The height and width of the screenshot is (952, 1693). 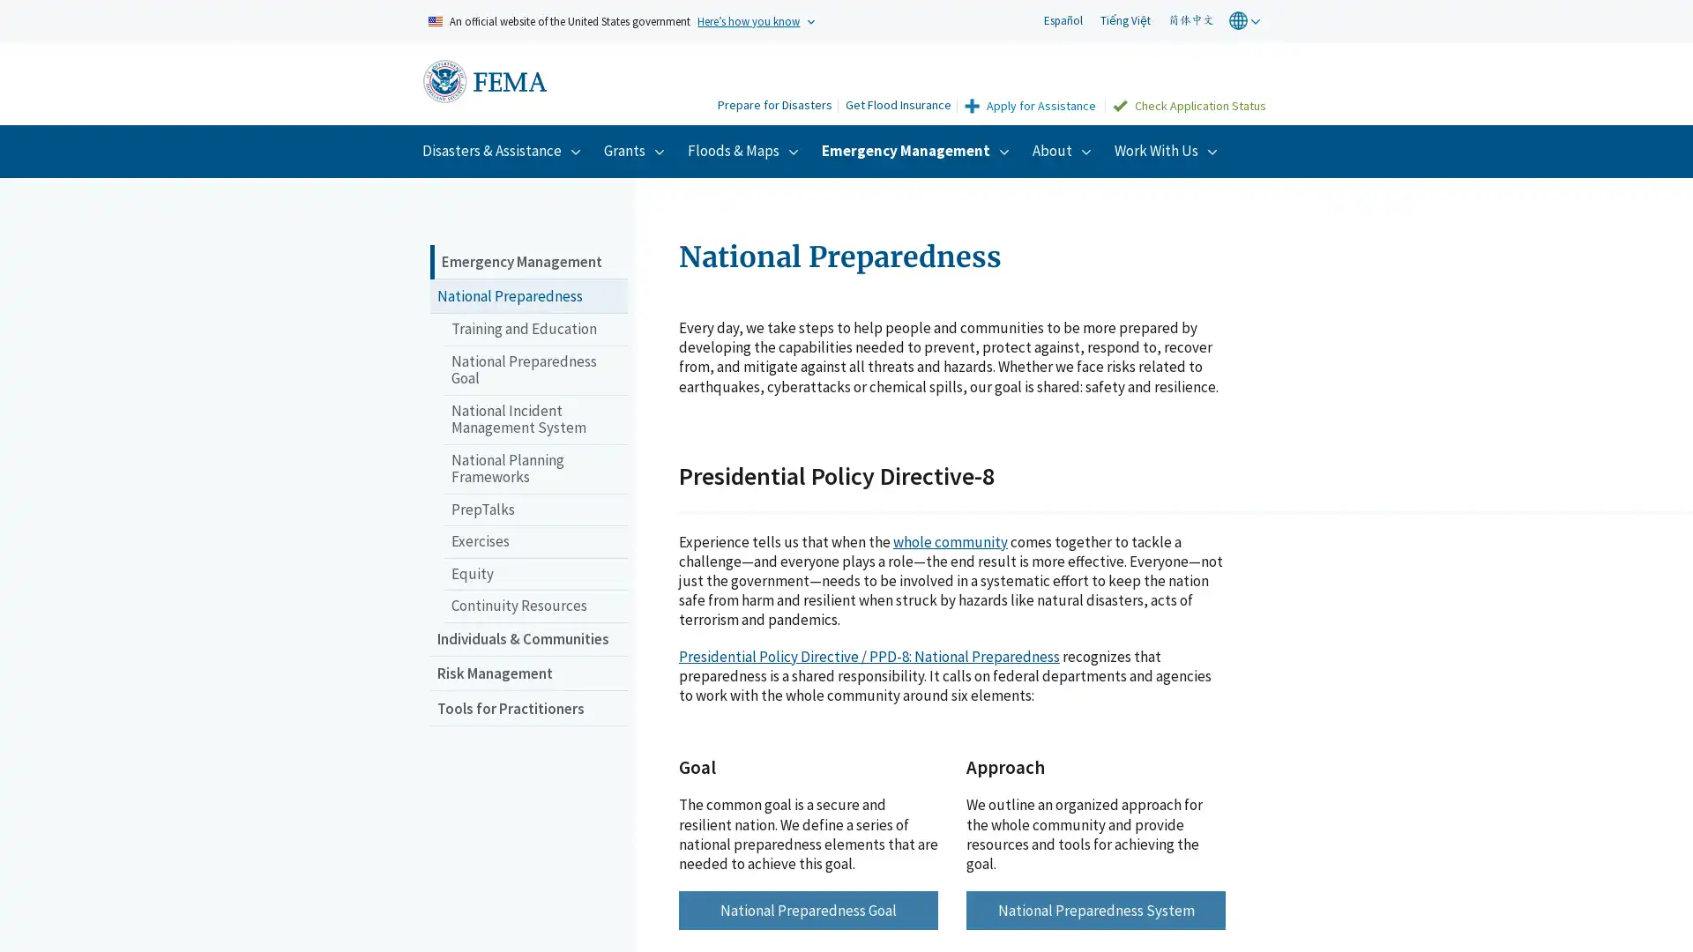 I want to click on Work With Us, so click(x=1168, y=149).